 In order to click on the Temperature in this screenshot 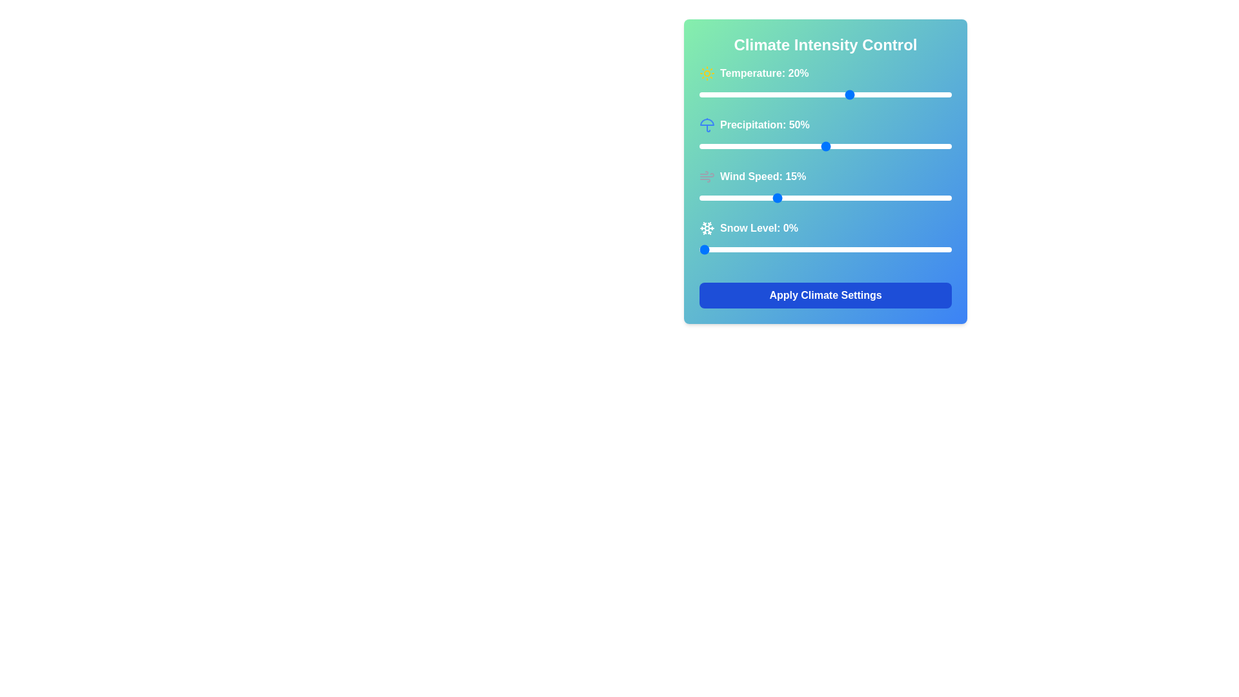, I will do `click(765, 94)`.